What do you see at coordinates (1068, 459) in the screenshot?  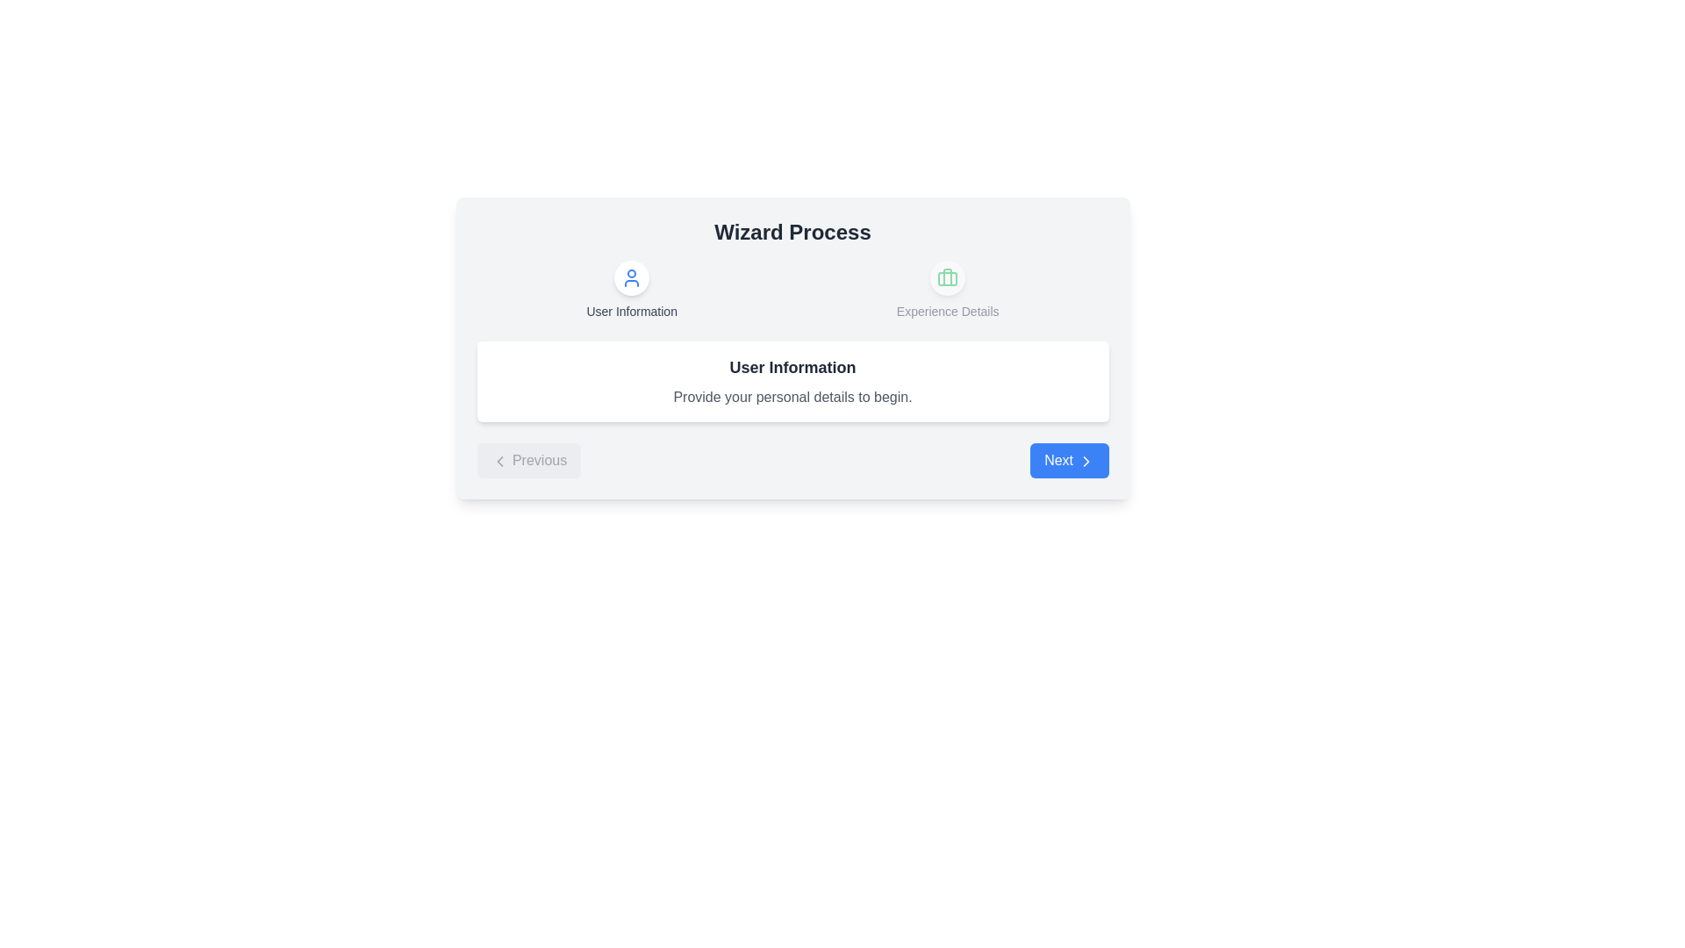 I see `the 'Next' button, which is a rectangular button with rounded corners, vibrant blue background, and white text, located in the bottom-right corner of the main card interface` at bounding box center [1068, 459].